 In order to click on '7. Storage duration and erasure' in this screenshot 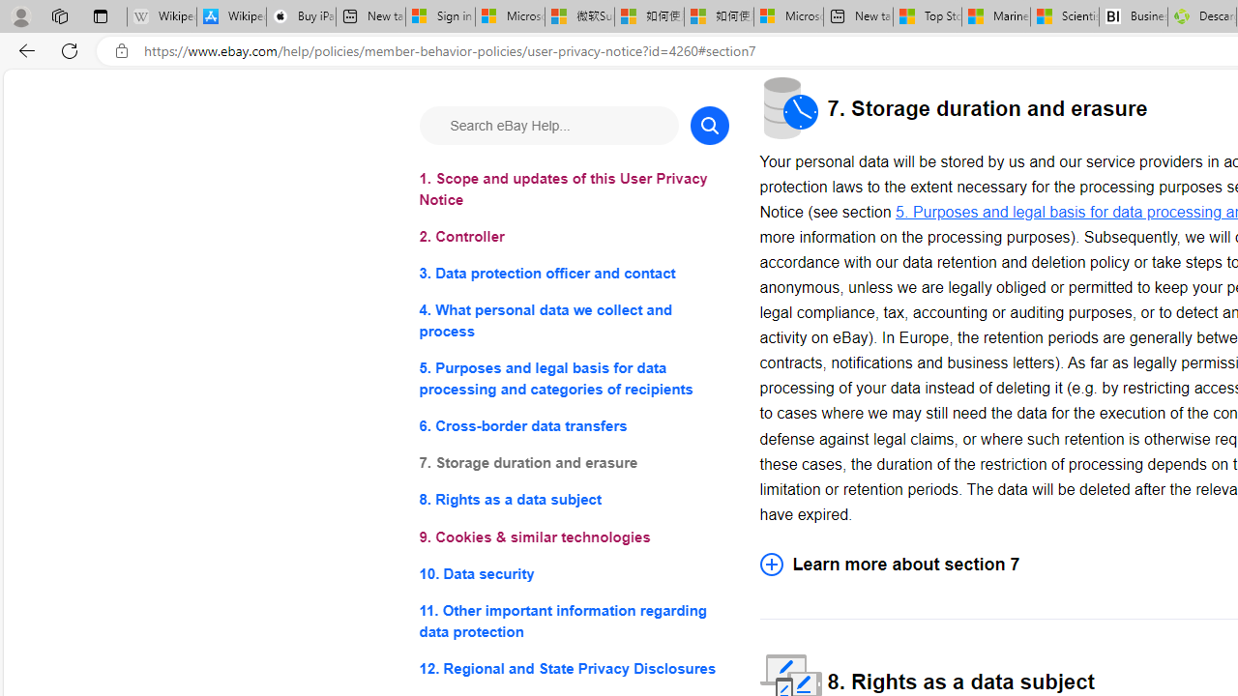, I will do `click(573, 463)`.